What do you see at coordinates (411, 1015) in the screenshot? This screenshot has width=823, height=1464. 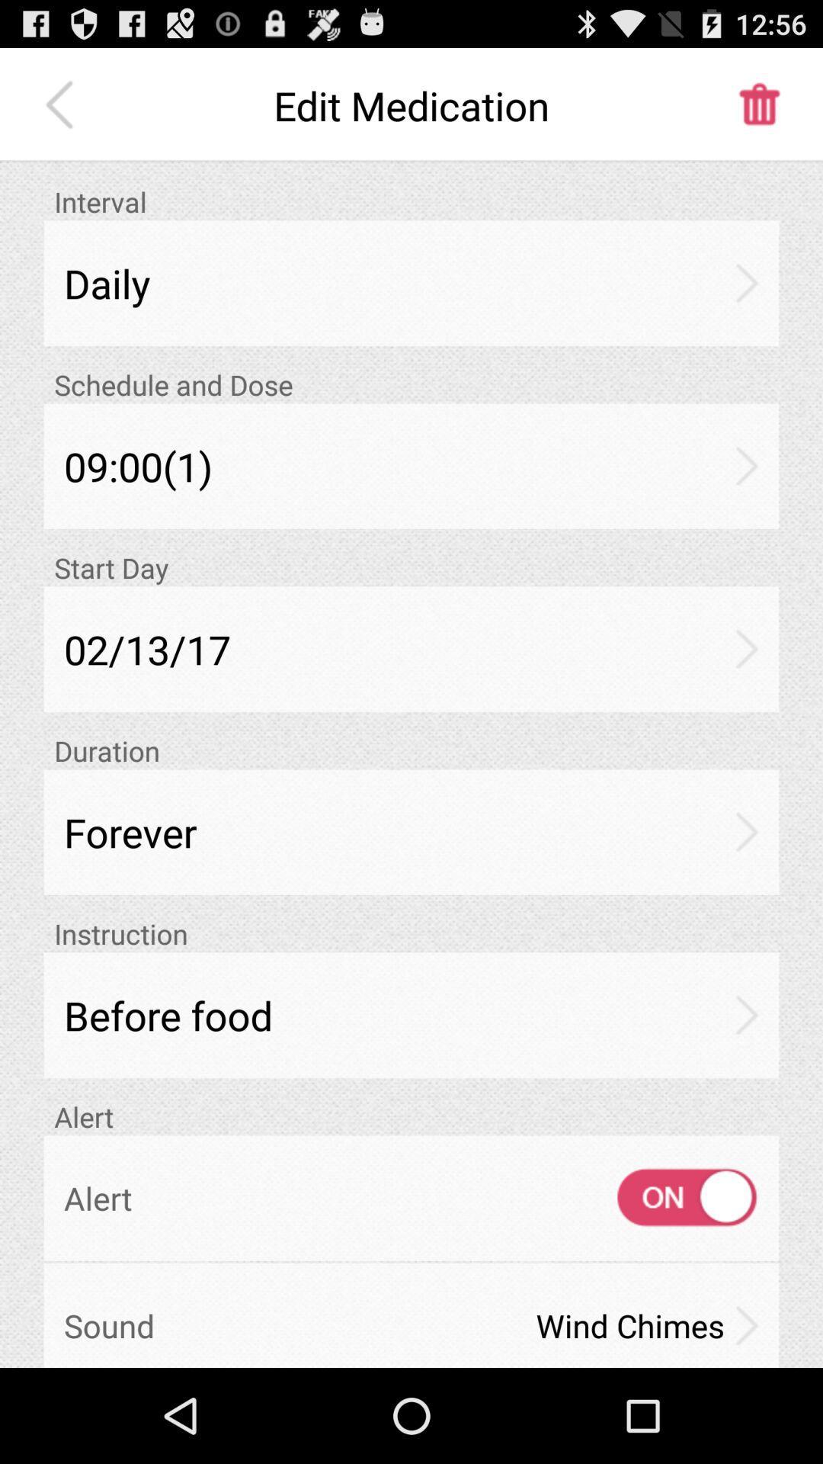 I see `before food` at bounding box center [411, 1015].